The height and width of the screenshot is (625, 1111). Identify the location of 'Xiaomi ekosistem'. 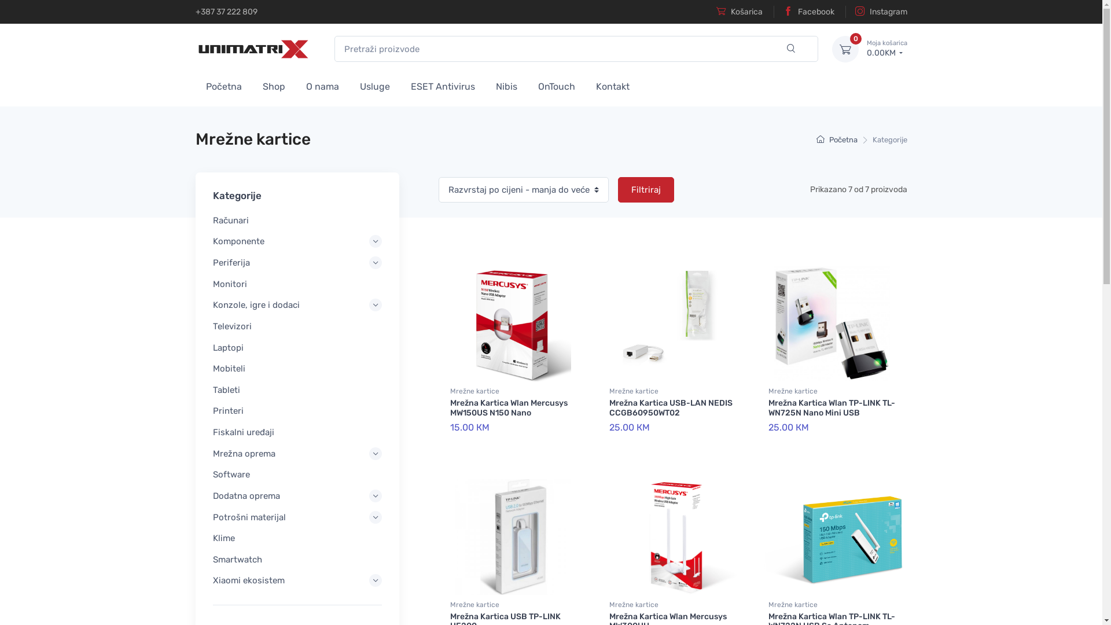
(297, 580).